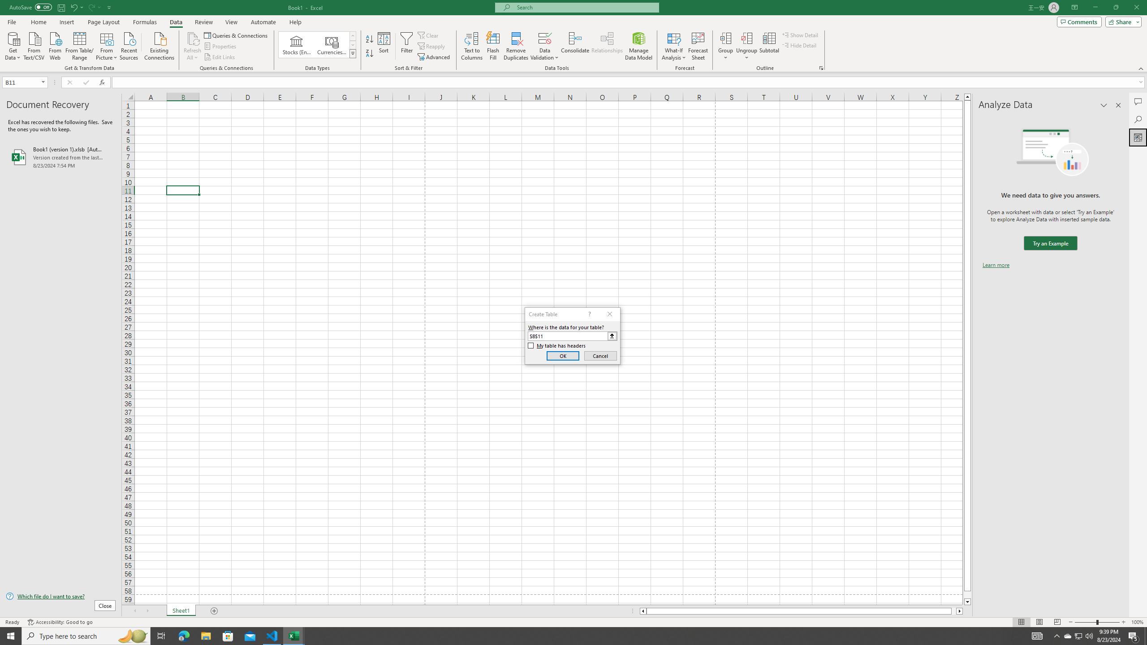 The width and height of the screenshot is (1147, 645). Describe the element at coordinates (318, 44) in the screenshot. I see `'AutomationID: ConvertToLinkedEntity'` at that location.